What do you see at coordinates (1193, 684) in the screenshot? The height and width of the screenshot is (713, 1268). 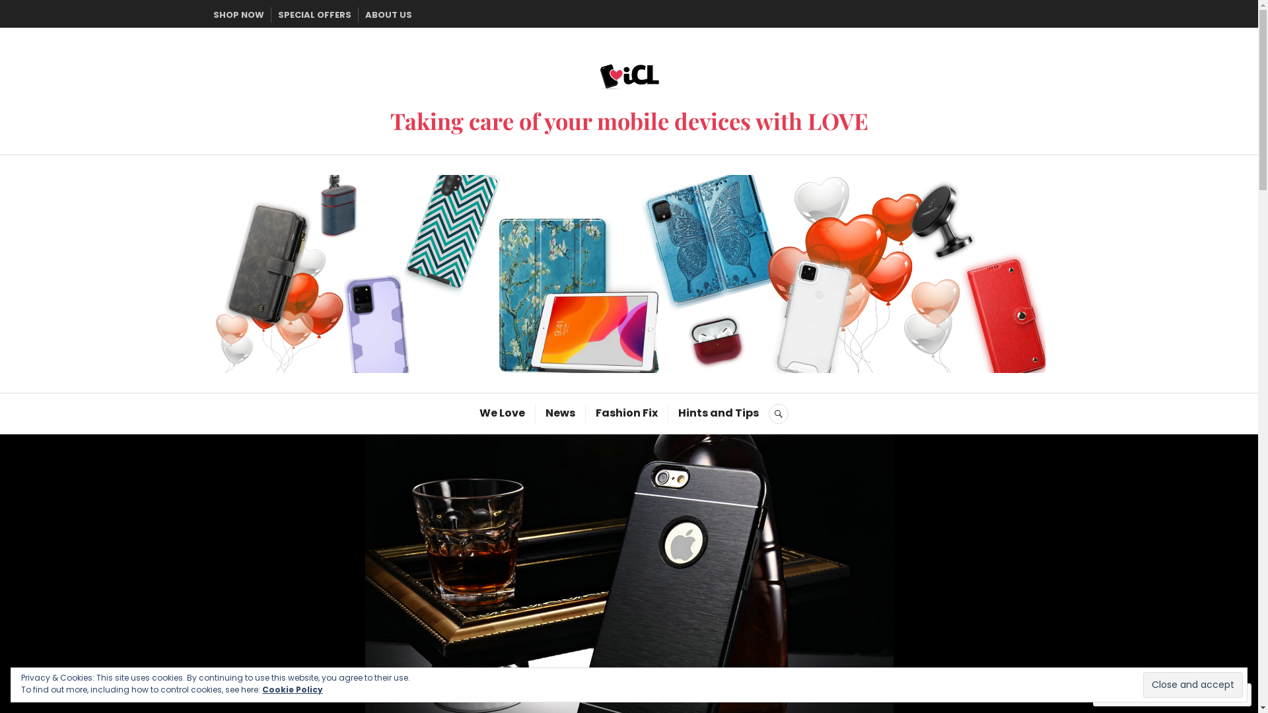 I see `'Close and accept'` at bounding box center [1193, 684].